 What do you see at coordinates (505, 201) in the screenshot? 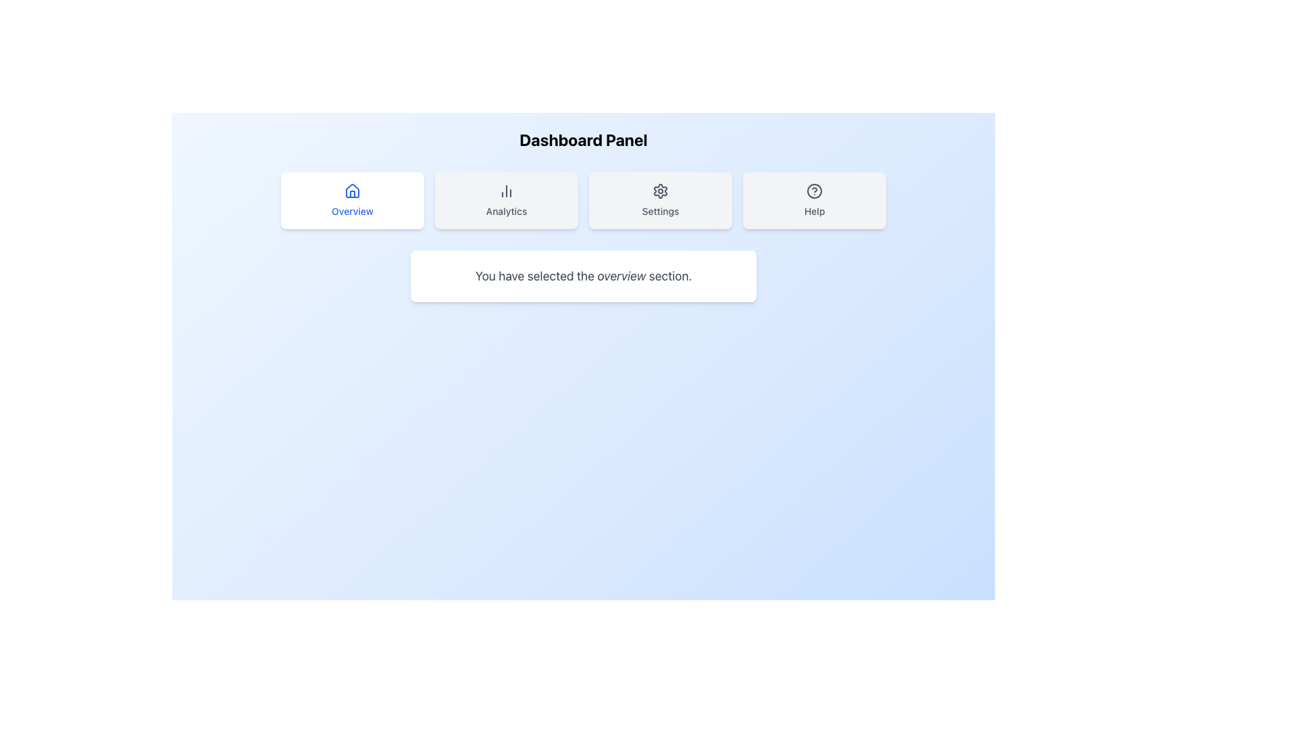
I see `the 'Analytics' button, which is a rectangular button with a light gray background and an icon resembling a bar chart above the text 'Analytics'. It is located below the 'Dashboard Panel' header, between the 'Overview' and 'Settings' buttons` at bounding box center [505, 201].